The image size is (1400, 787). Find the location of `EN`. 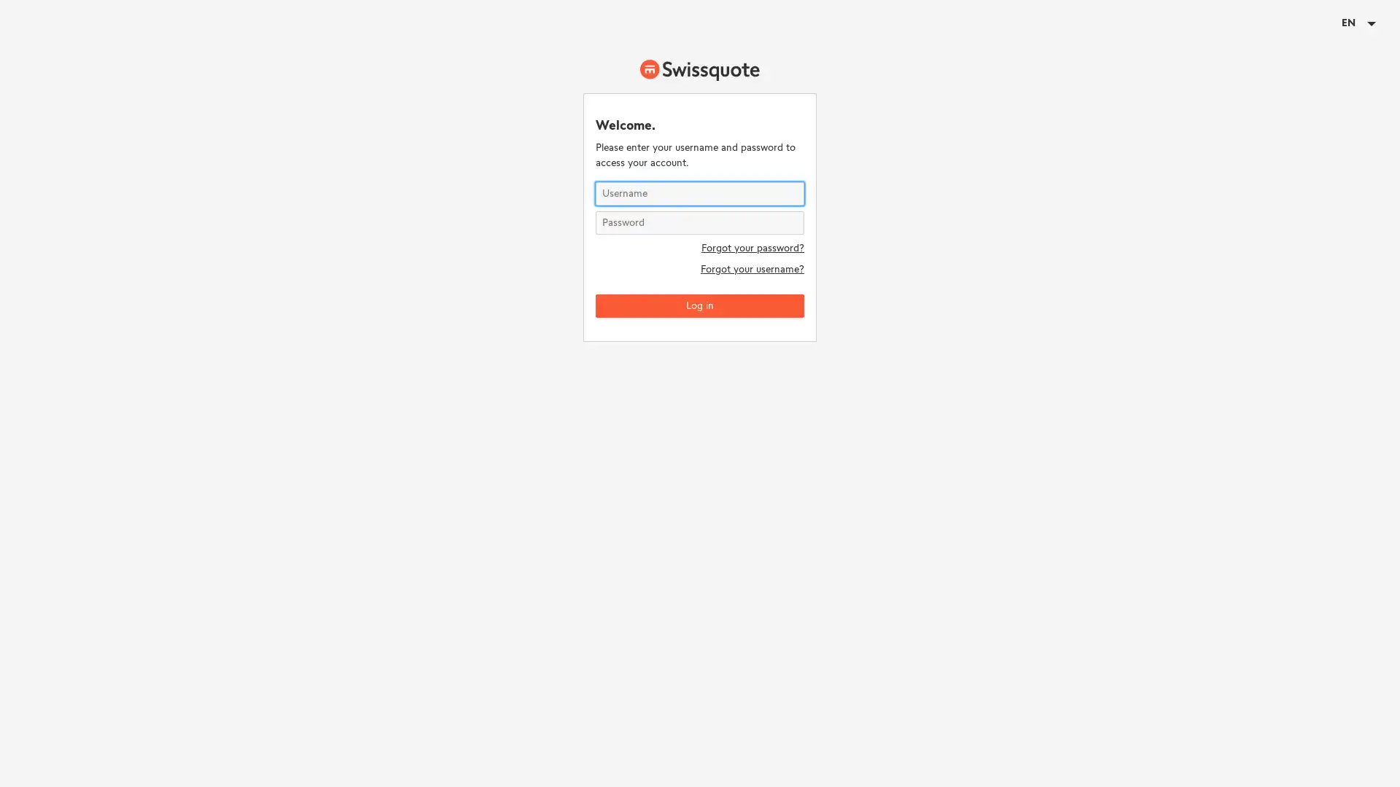

EN is located at coordinates (1358, 23).